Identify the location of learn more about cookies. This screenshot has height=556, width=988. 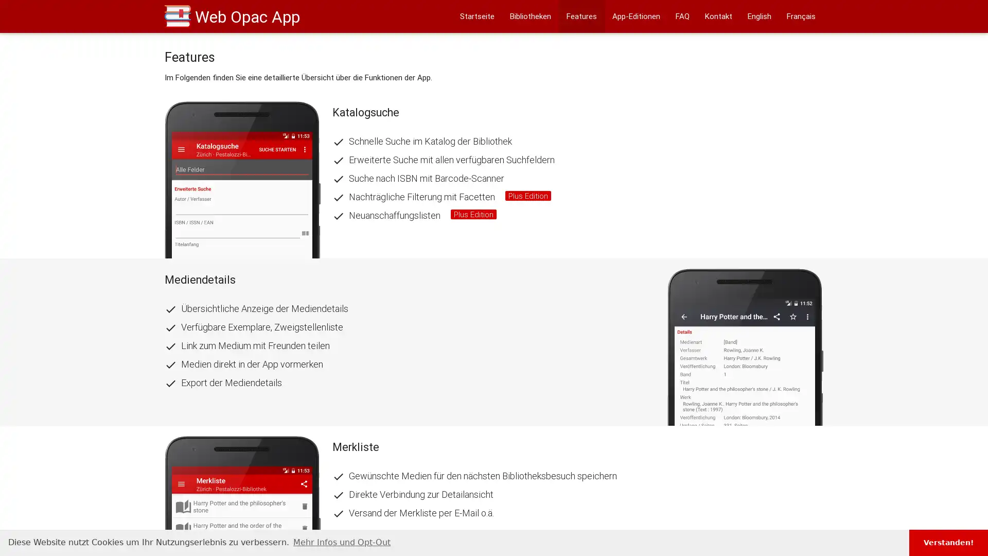
(342, 542).